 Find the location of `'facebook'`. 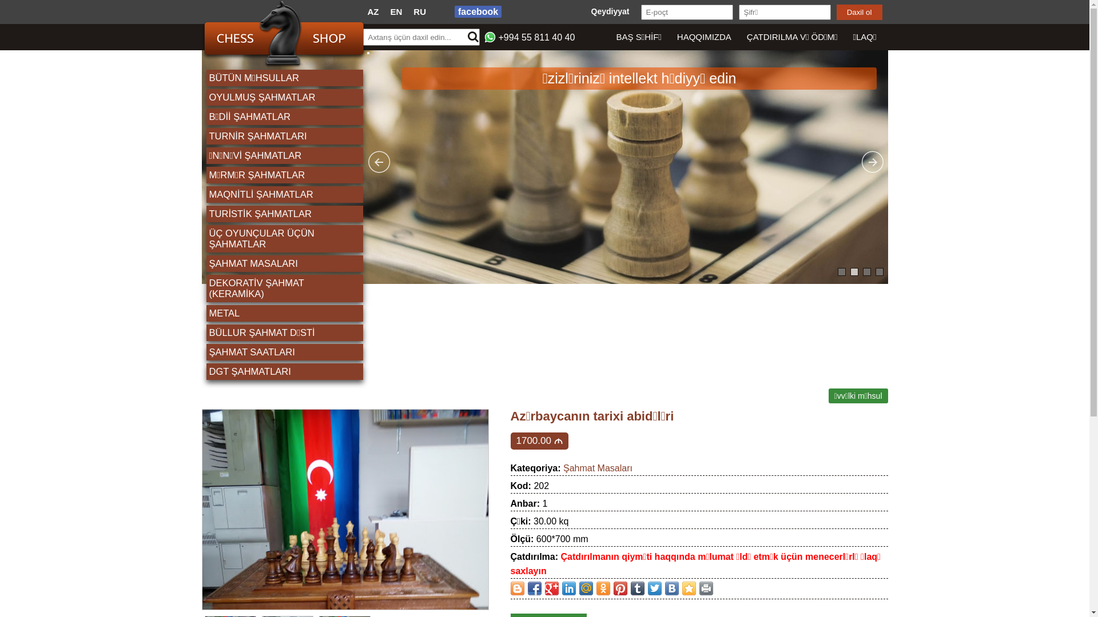

'facebook' is located at coordinates (478, 11).